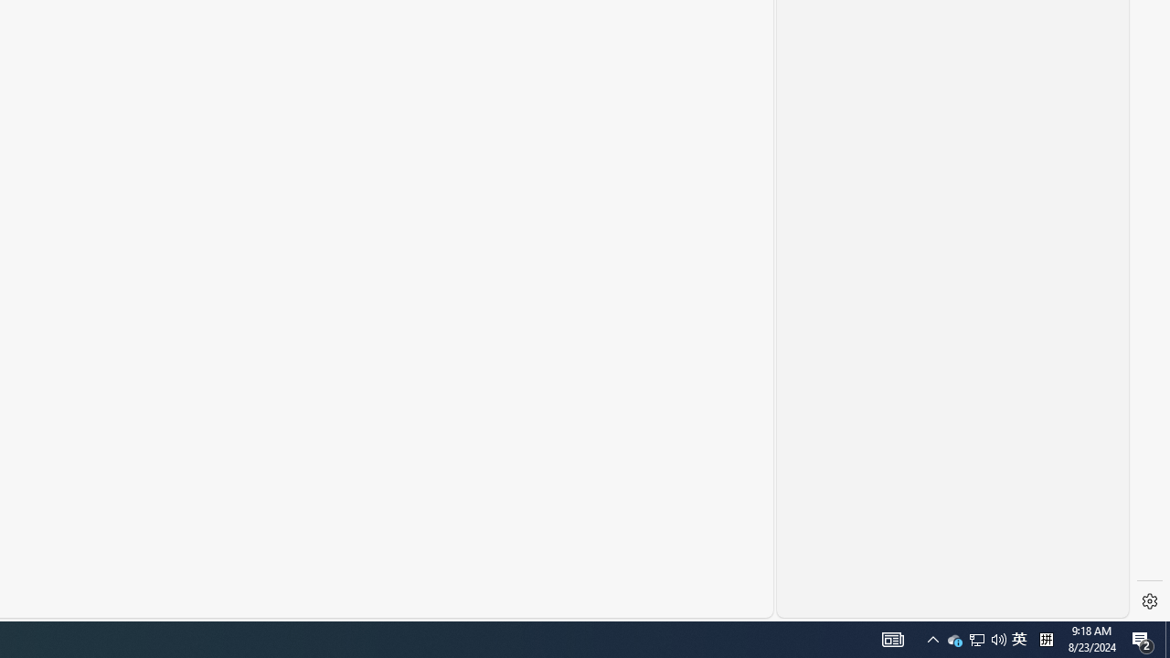  I want to click on 'Tray Input Indicator - Chinese (Simplified, China)', so click(1046, 638).